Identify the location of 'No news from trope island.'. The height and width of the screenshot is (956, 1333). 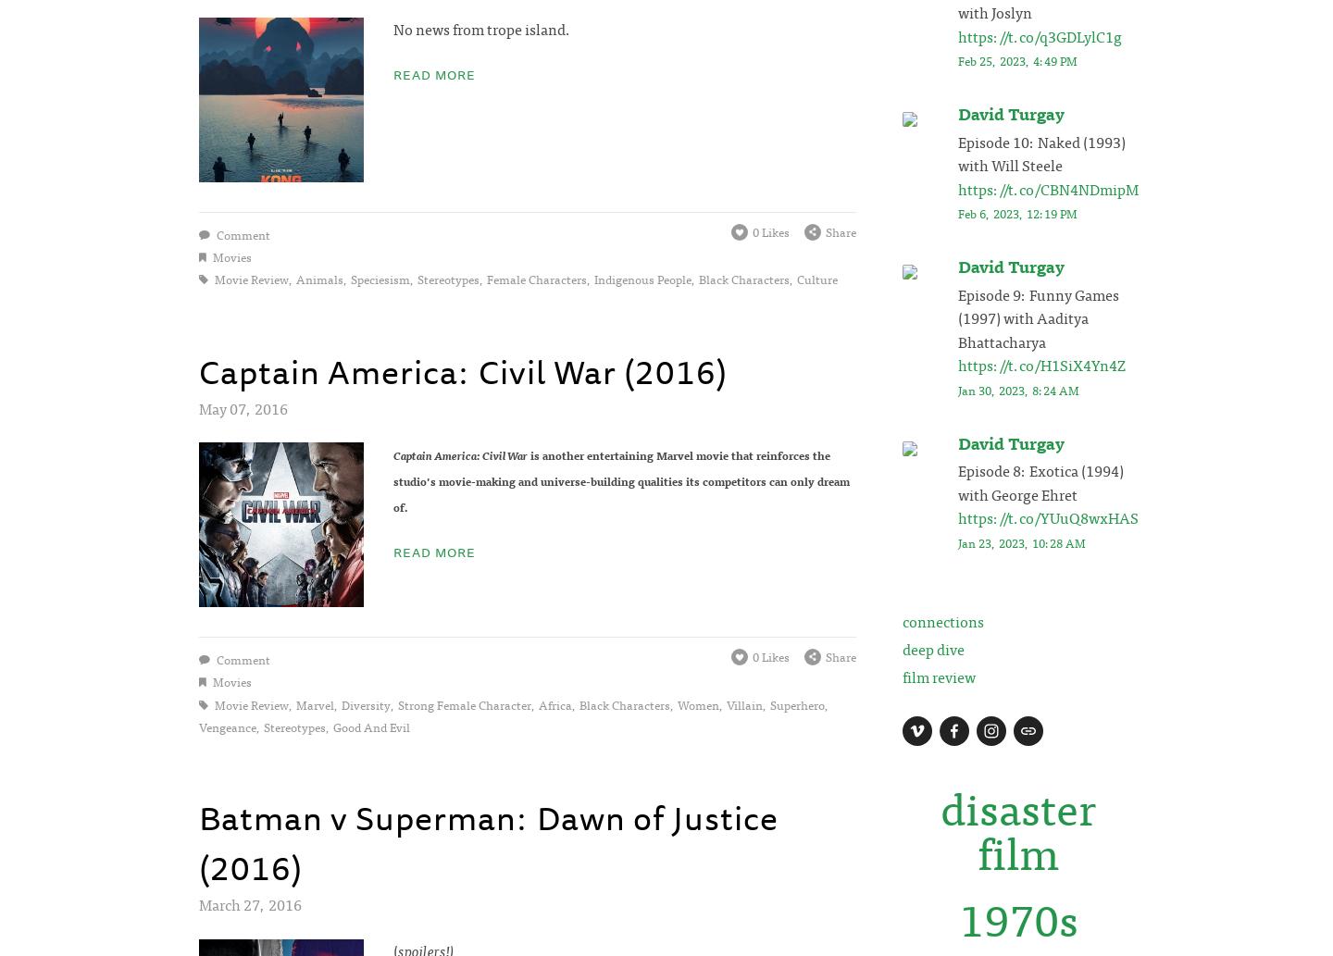
(480, 28).